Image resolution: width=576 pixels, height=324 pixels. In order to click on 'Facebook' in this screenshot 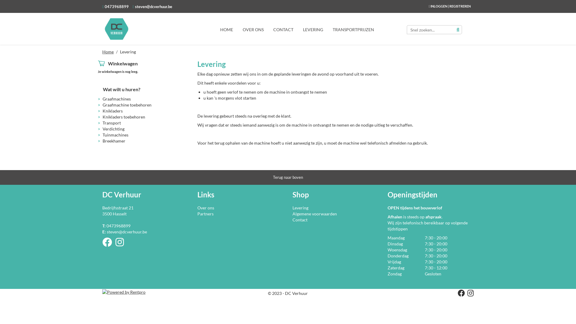, I will do `click(460, 294)`.